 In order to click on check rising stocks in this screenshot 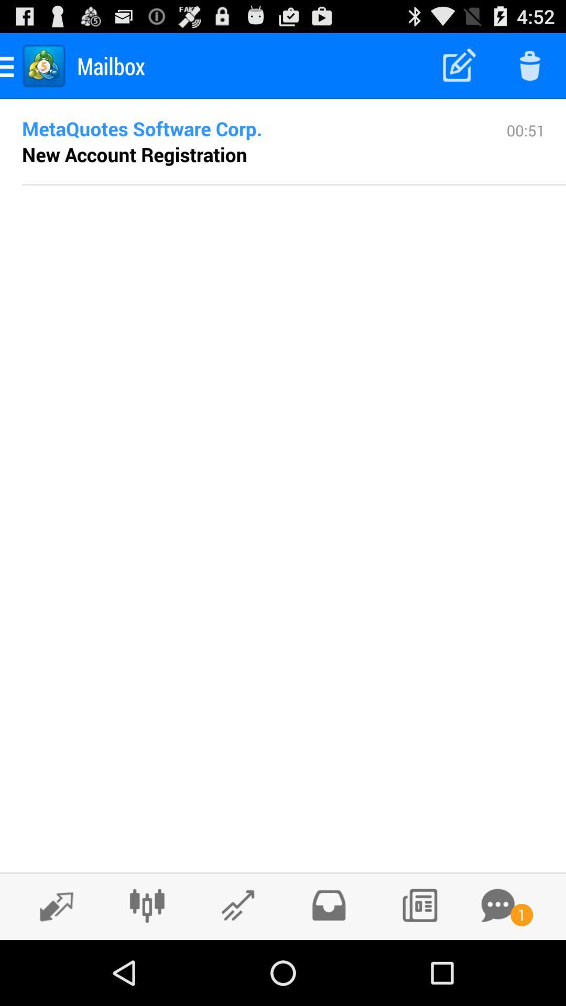, I will do `click(238, 905)`.